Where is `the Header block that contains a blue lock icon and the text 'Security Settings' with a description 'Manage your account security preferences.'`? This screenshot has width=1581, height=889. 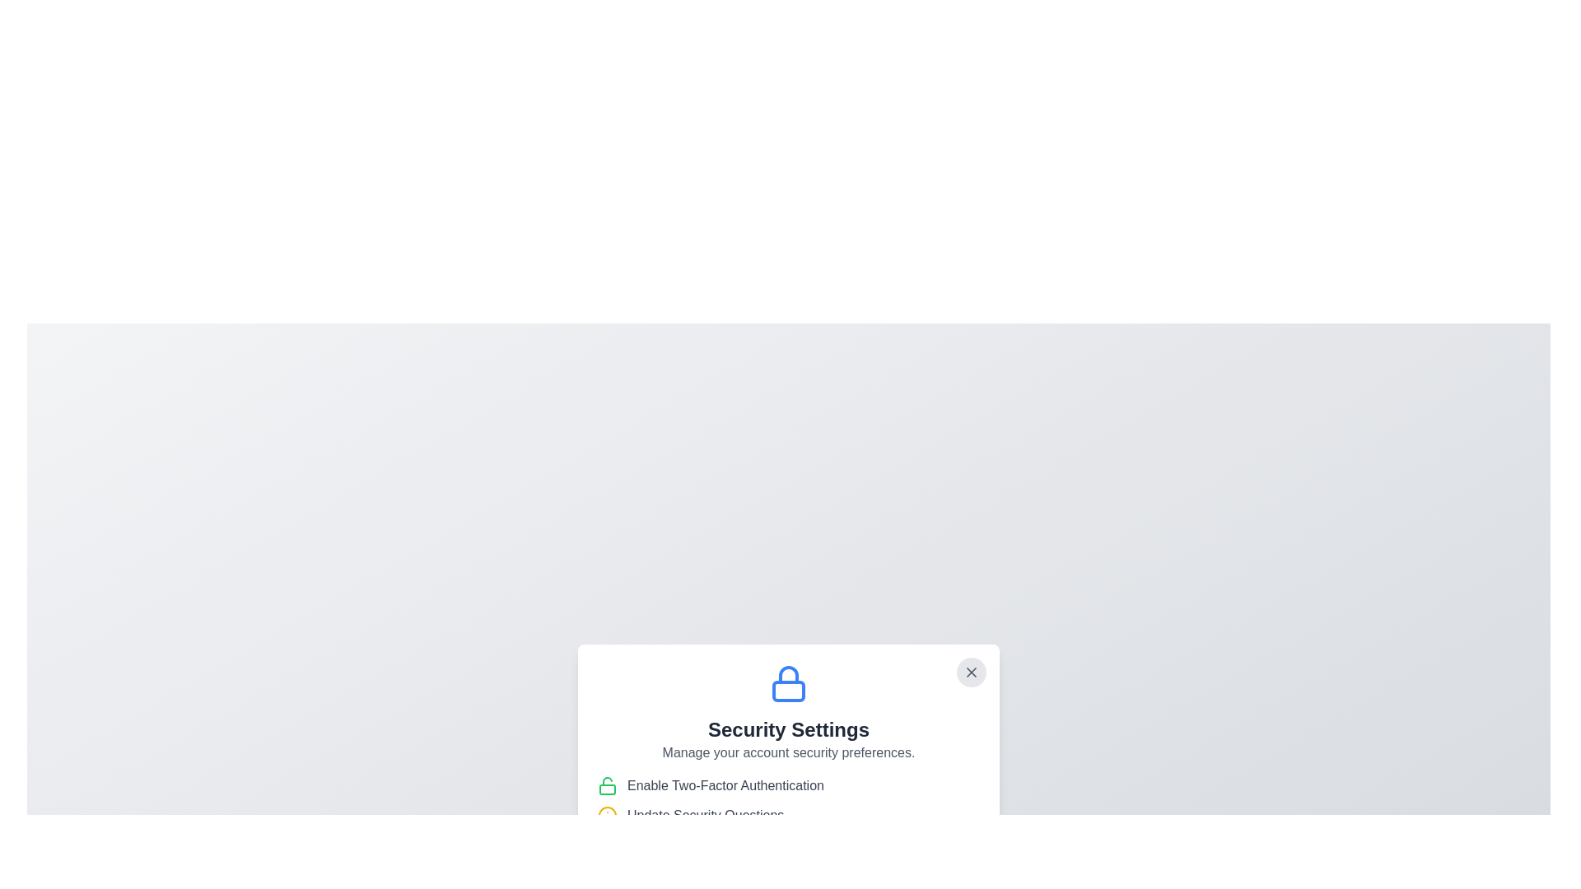
the Header block that contains a blue lock icon and the text 'Security Settings' with a description 'Manage your account security preferences.' is located at coordinates (788, 713).